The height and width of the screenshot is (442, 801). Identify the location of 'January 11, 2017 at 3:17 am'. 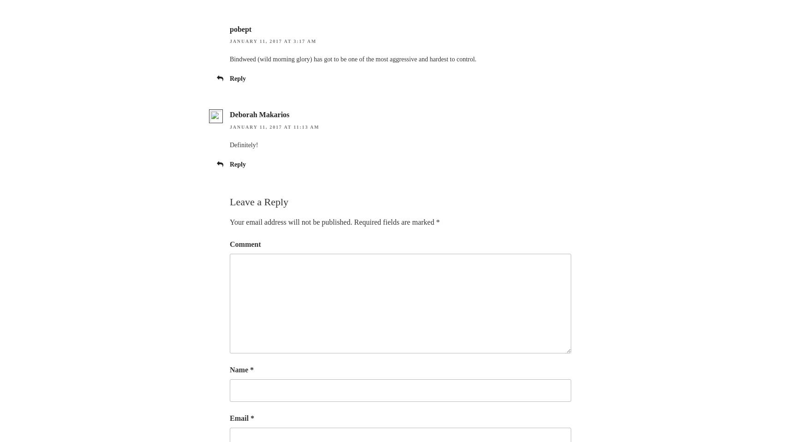
(273, 41).